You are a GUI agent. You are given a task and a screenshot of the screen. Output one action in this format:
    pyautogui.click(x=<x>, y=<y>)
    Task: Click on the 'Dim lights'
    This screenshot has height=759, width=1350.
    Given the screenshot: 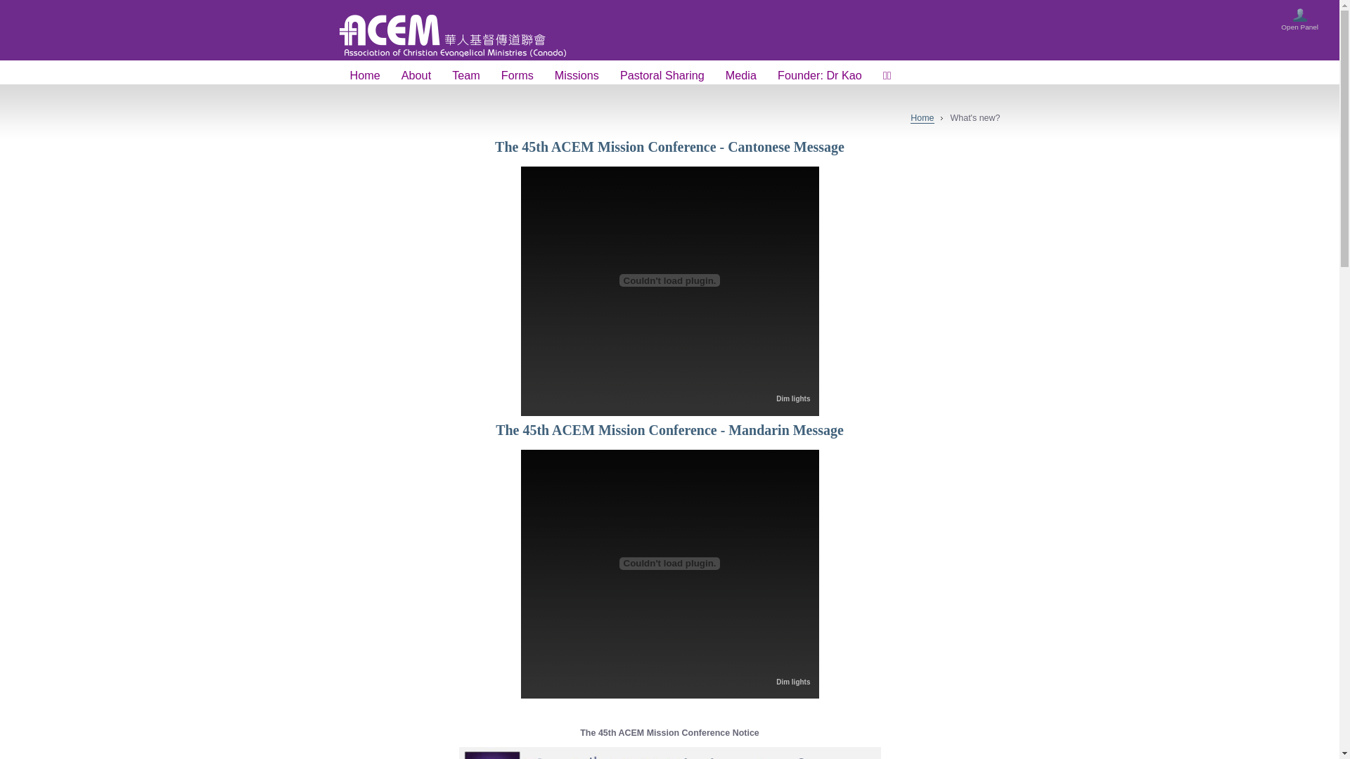 What is the action you would take?
    pyautogui.click(x=793, y=398)
    